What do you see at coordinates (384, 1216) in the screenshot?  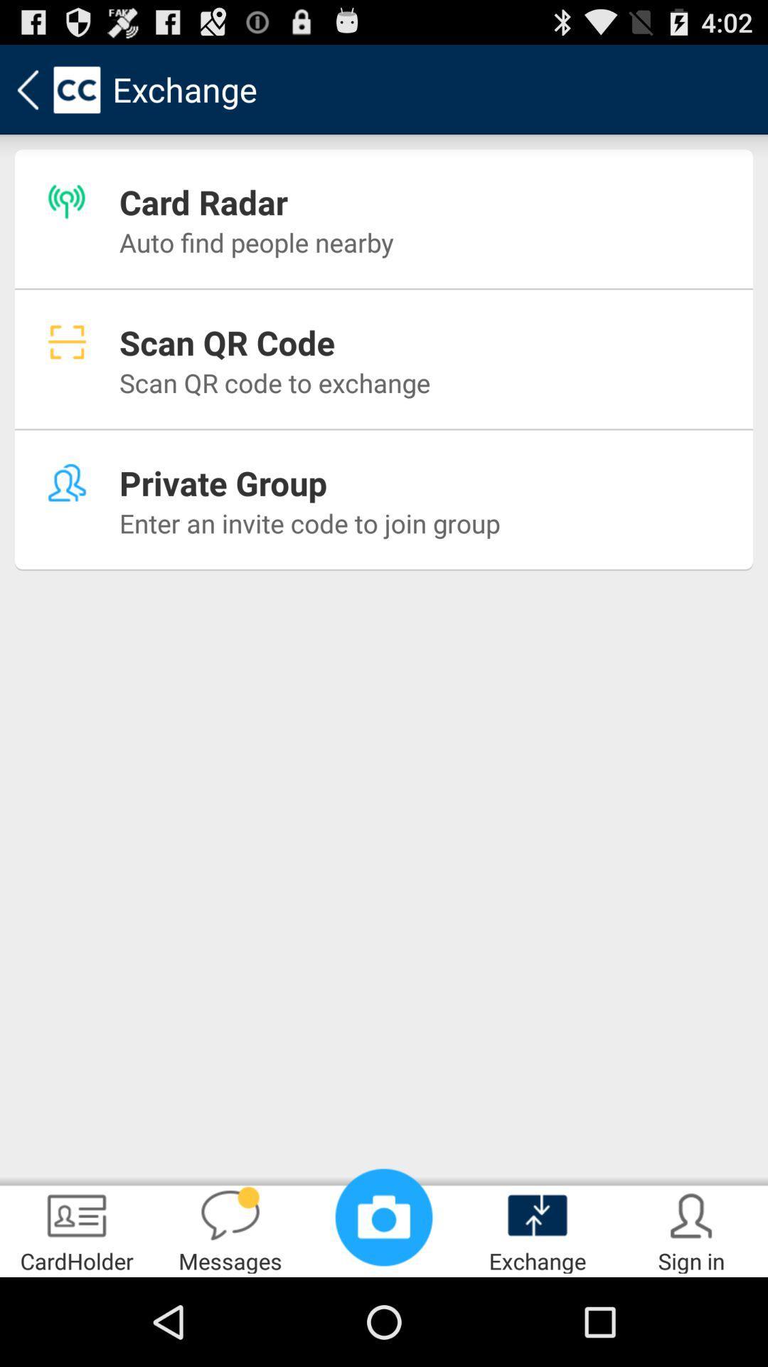 I see `the icon to the right of the messages icon` at bounding box center [384, 1216].